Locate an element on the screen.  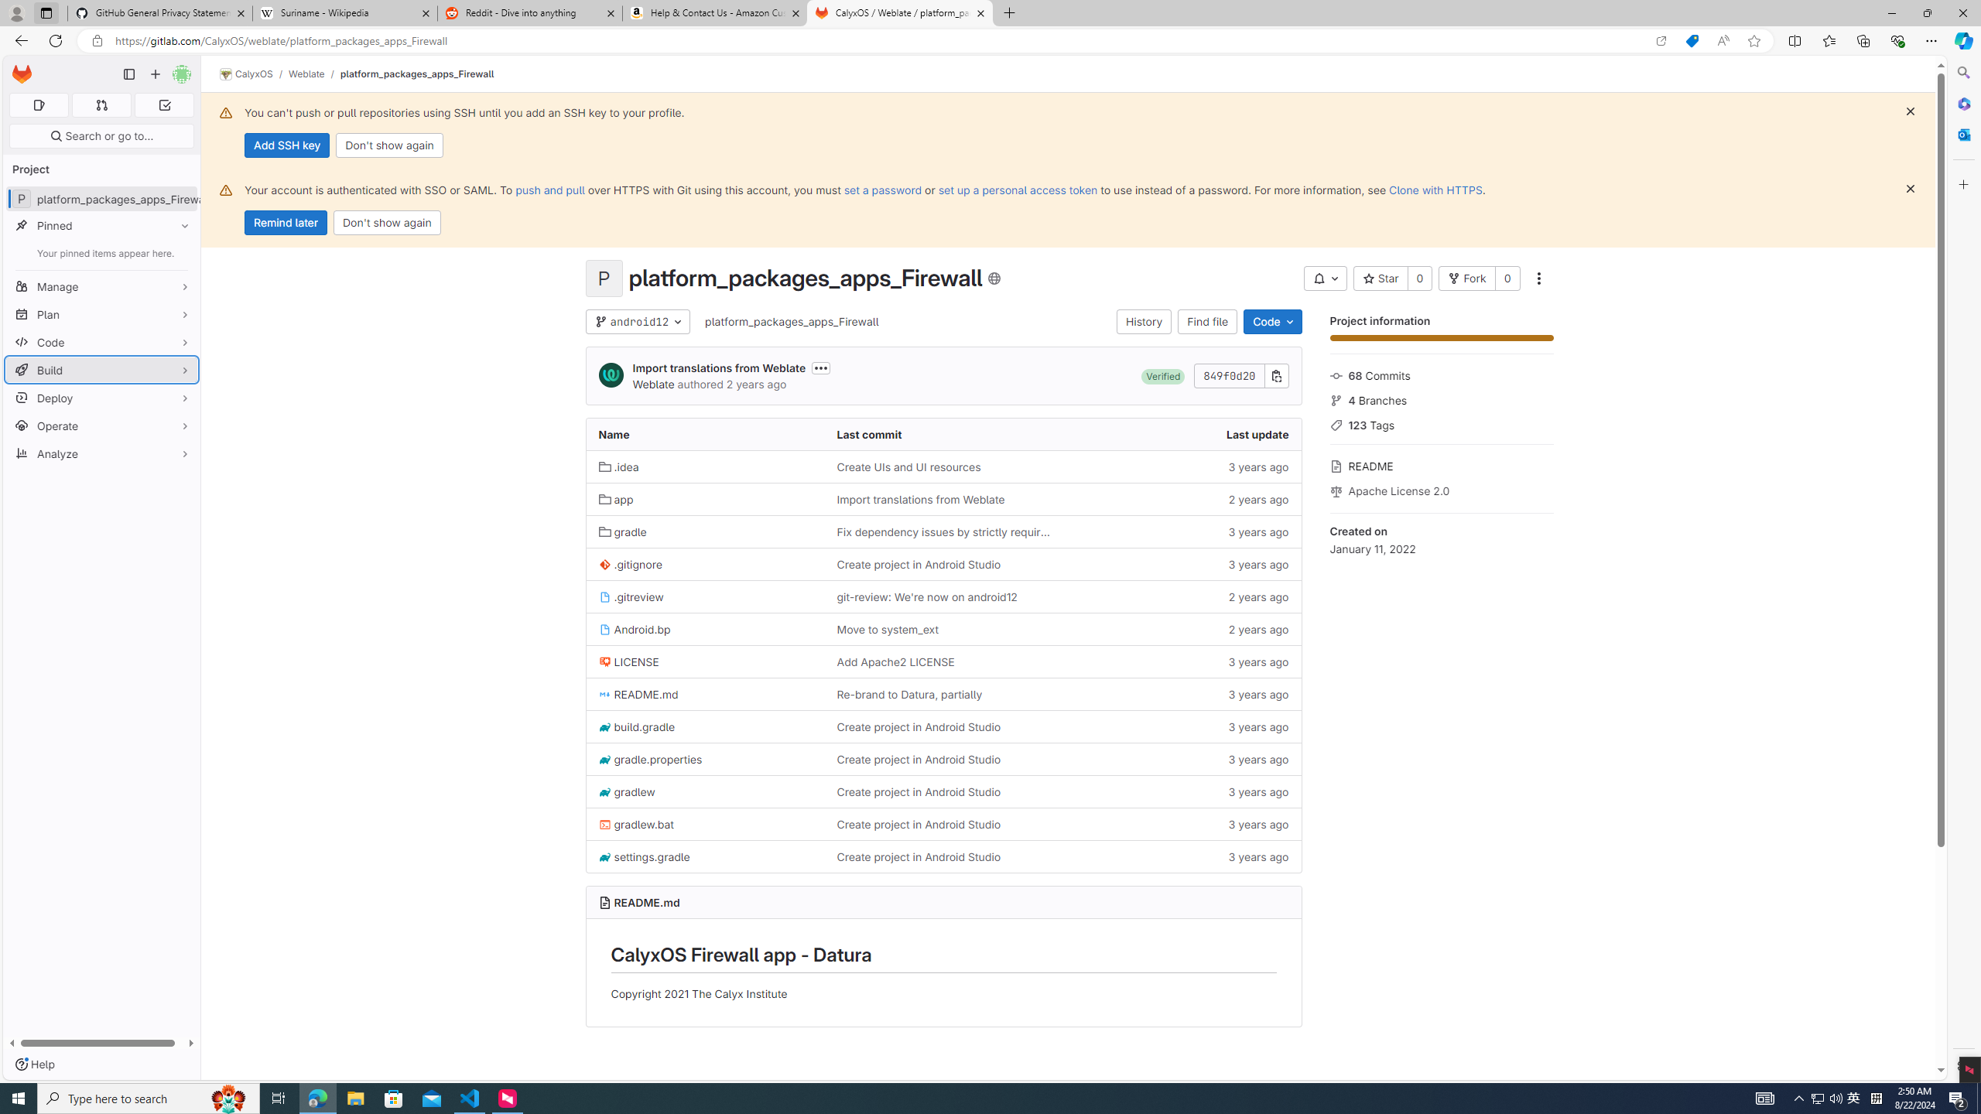
'Deploy' is located at coordinates (101, 397).